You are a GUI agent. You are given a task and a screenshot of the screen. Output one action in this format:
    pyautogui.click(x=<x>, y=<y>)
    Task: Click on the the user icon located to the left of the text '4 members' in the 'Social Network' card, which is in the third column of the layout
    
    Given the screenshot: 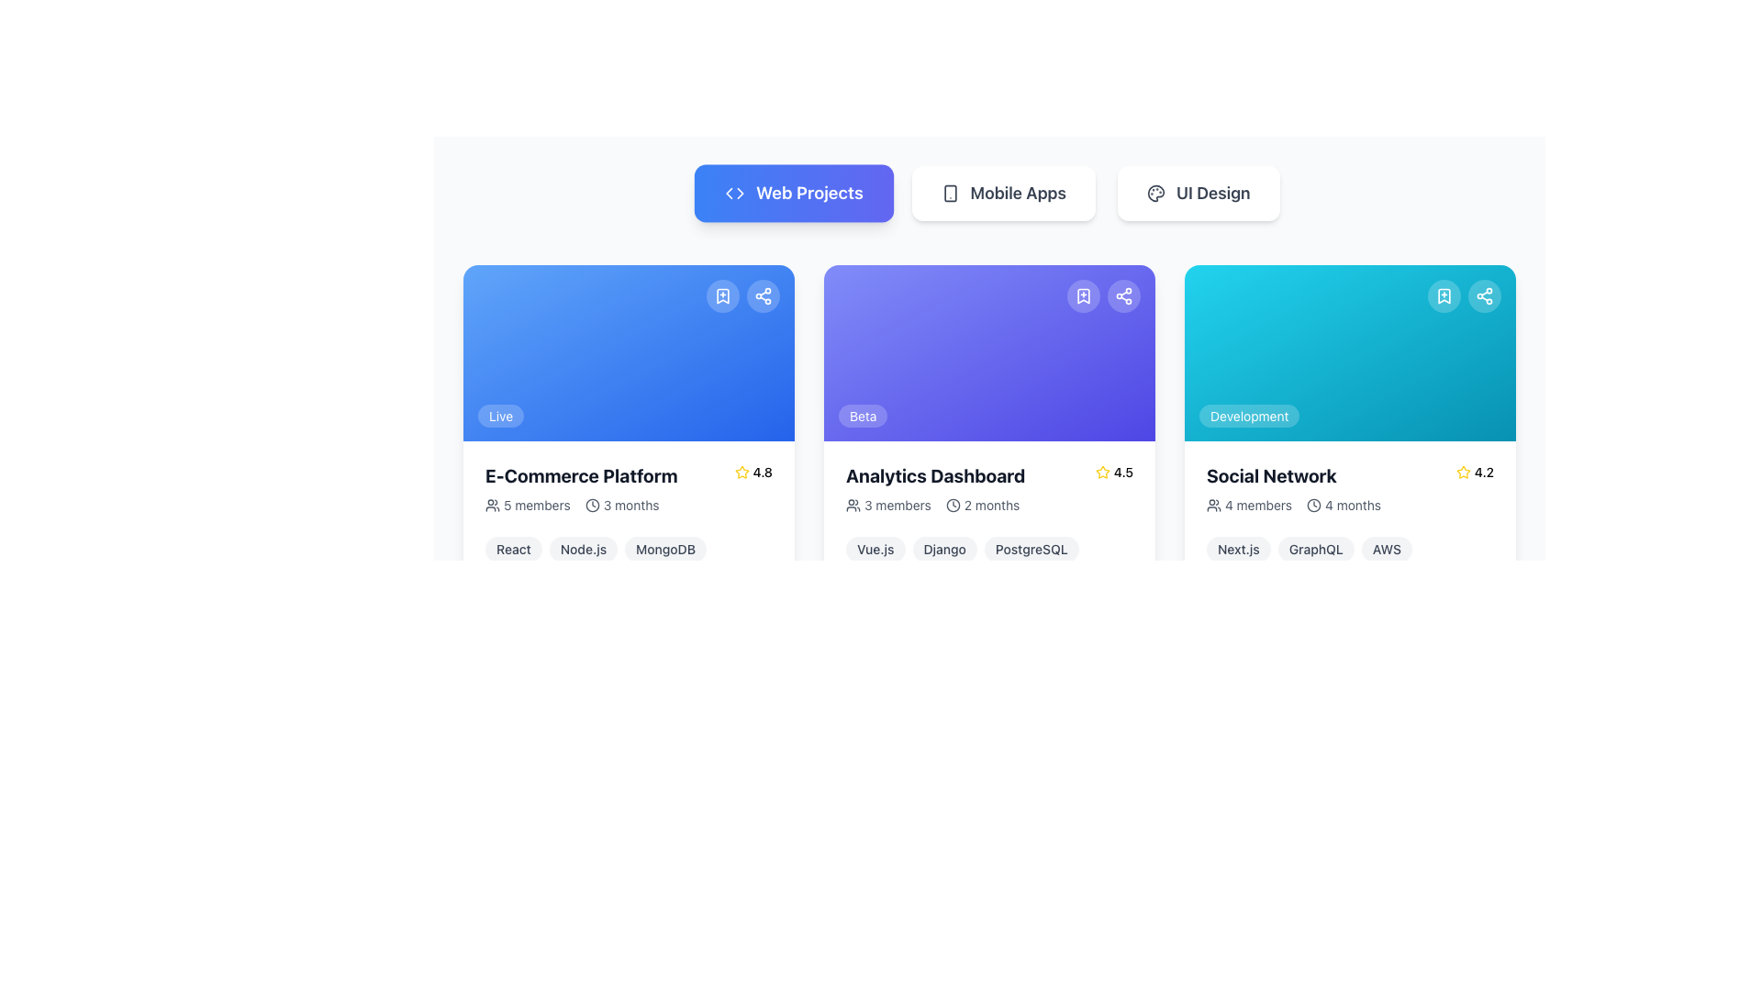 What is the action you would take?
    pyautogui.click(x=1214, y=506)
    